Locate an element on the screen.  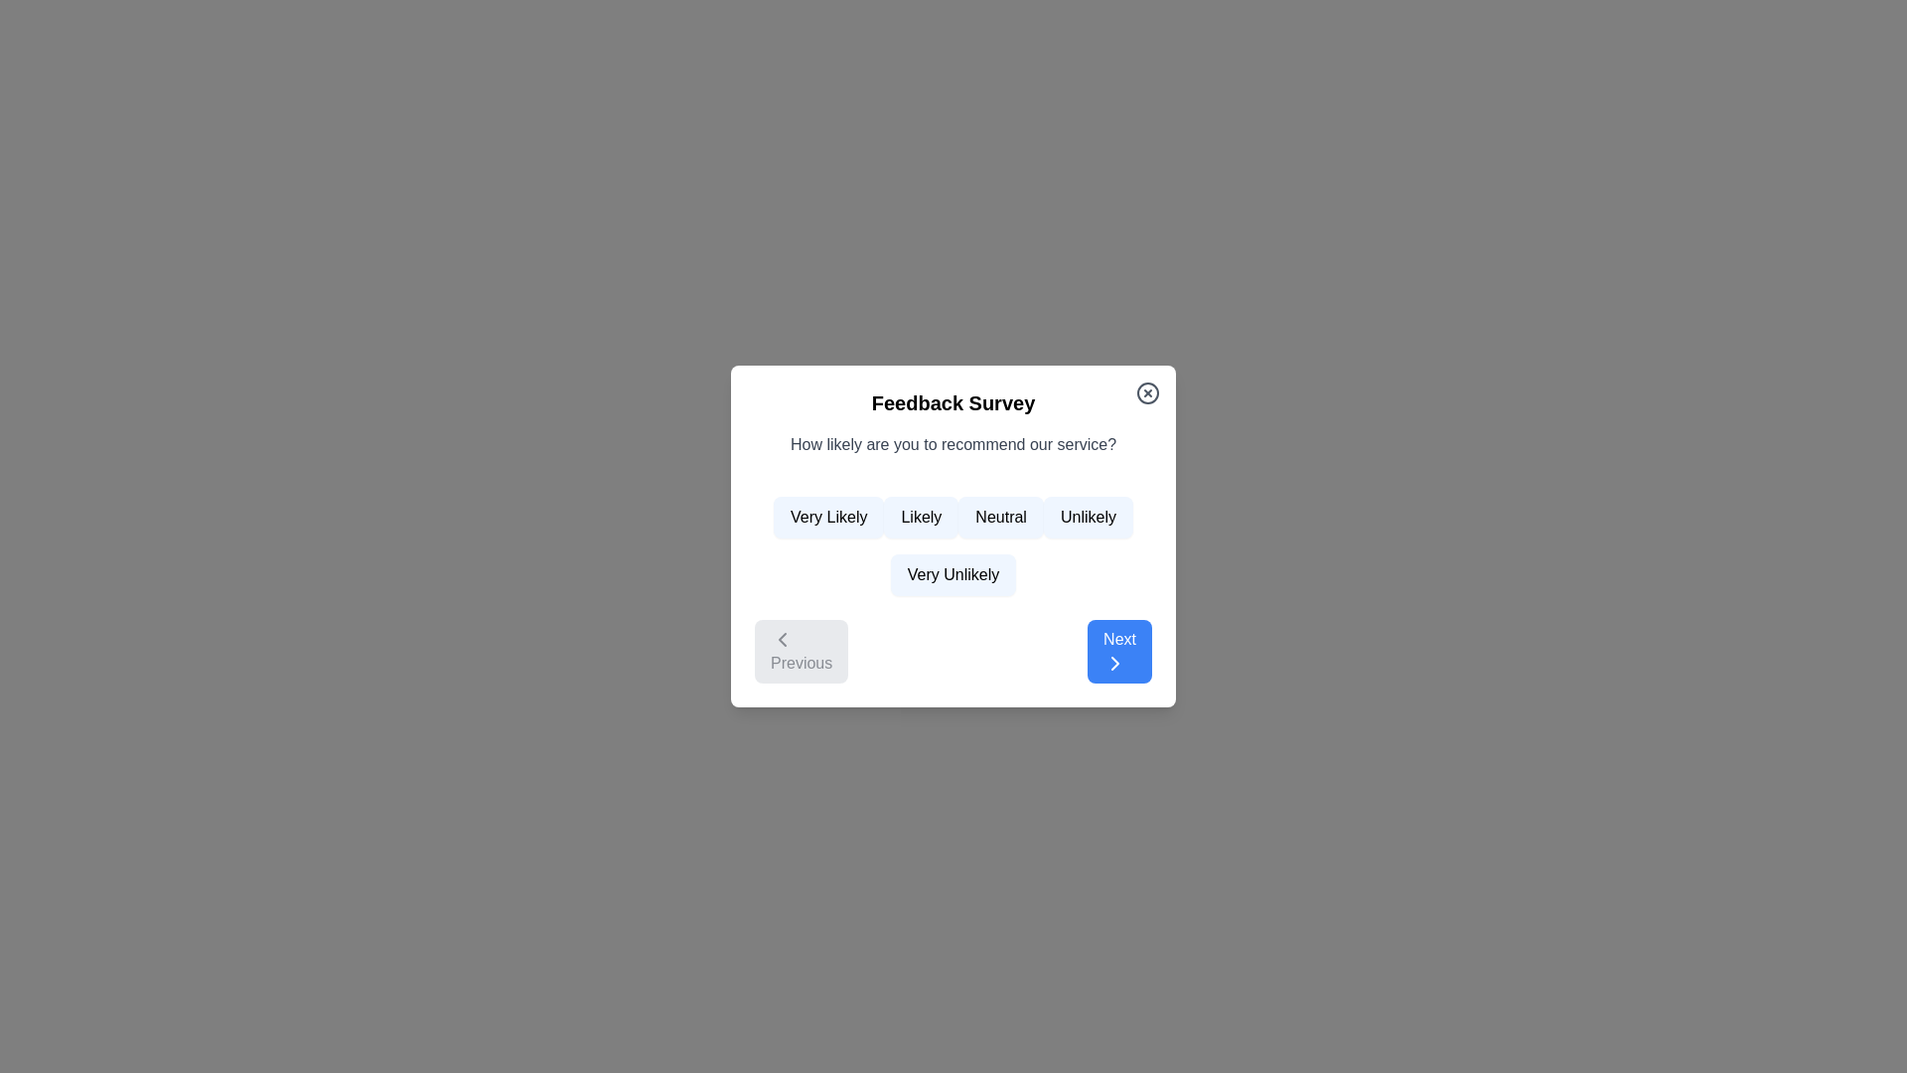
the left-facing chevron icon within the 'Previous' button is located at coordinates (781, 640).